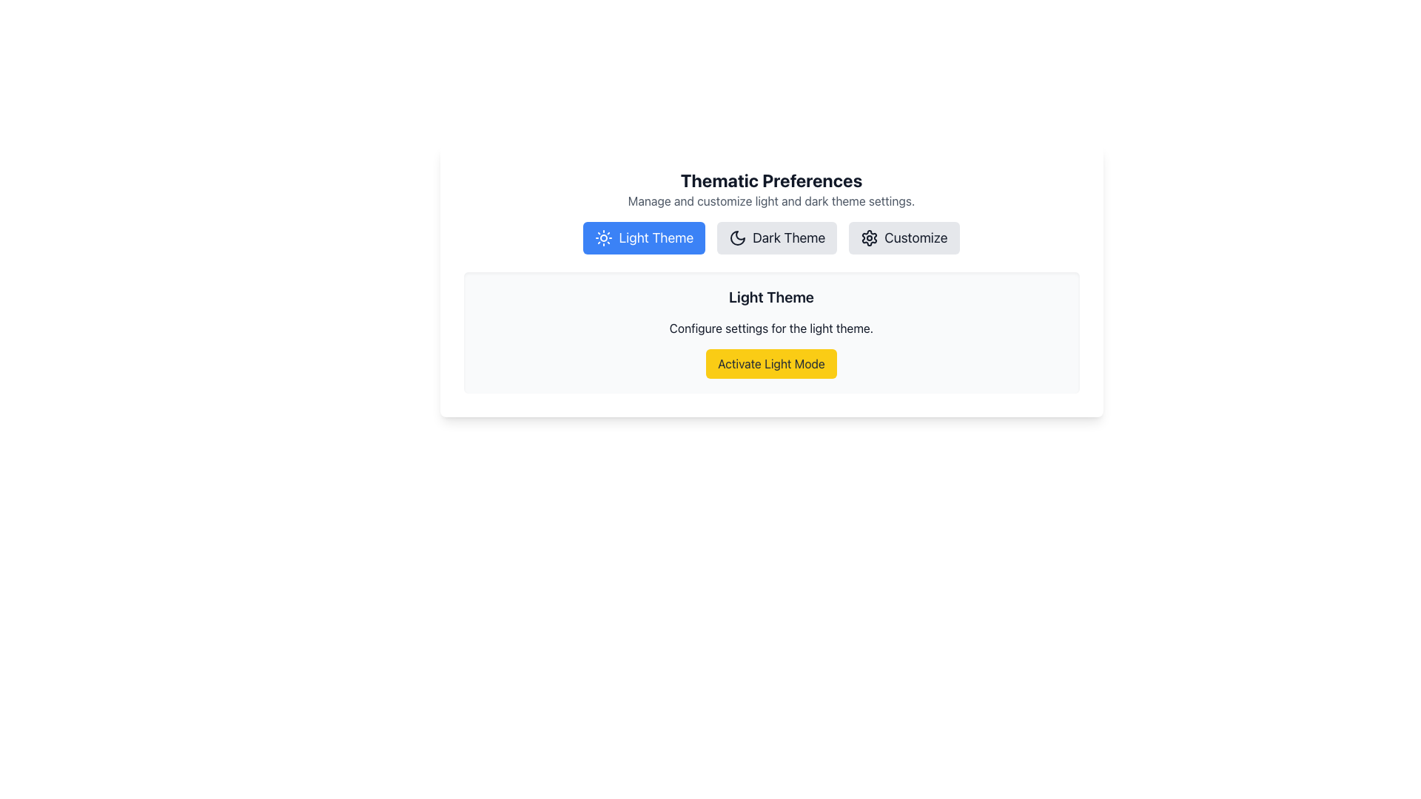 Image resolution: width=1421 pixels, height=799 pixels. What do you see at coordinates (770, 364) in the screenshot?
I see `the button that activates the light mode theme, located in the bottom section of the configuration panel` at bounding box center [770, 364].